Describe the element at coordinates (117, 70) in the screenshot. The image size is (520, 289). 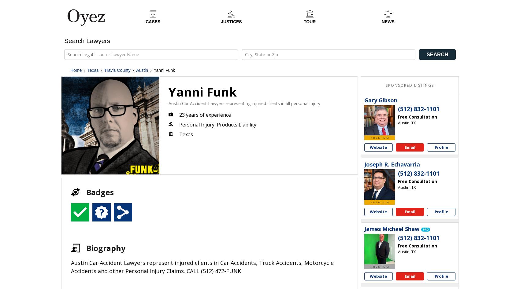
I see `'Travis County'` at that location.